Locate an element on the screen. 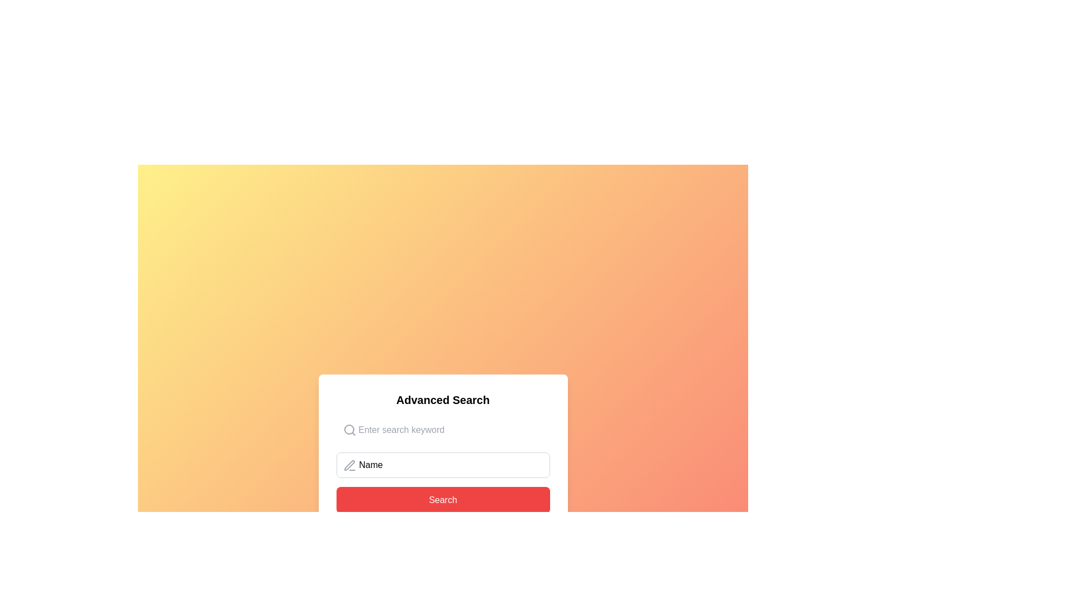 The height and width of the screenshot is (601, 1068). the 'Advanced Search' static text element, which is a bold, large-sized text at the top of a card-like section with a white background and rounded corners is located at coordinates (442, 399).